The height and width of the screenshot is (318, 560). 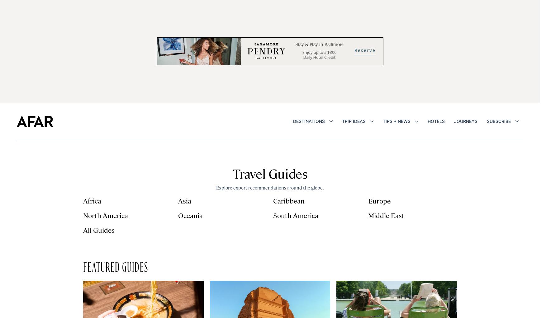 I want to click on 'Loyalty + Rewards', so click(x=487, y=182).